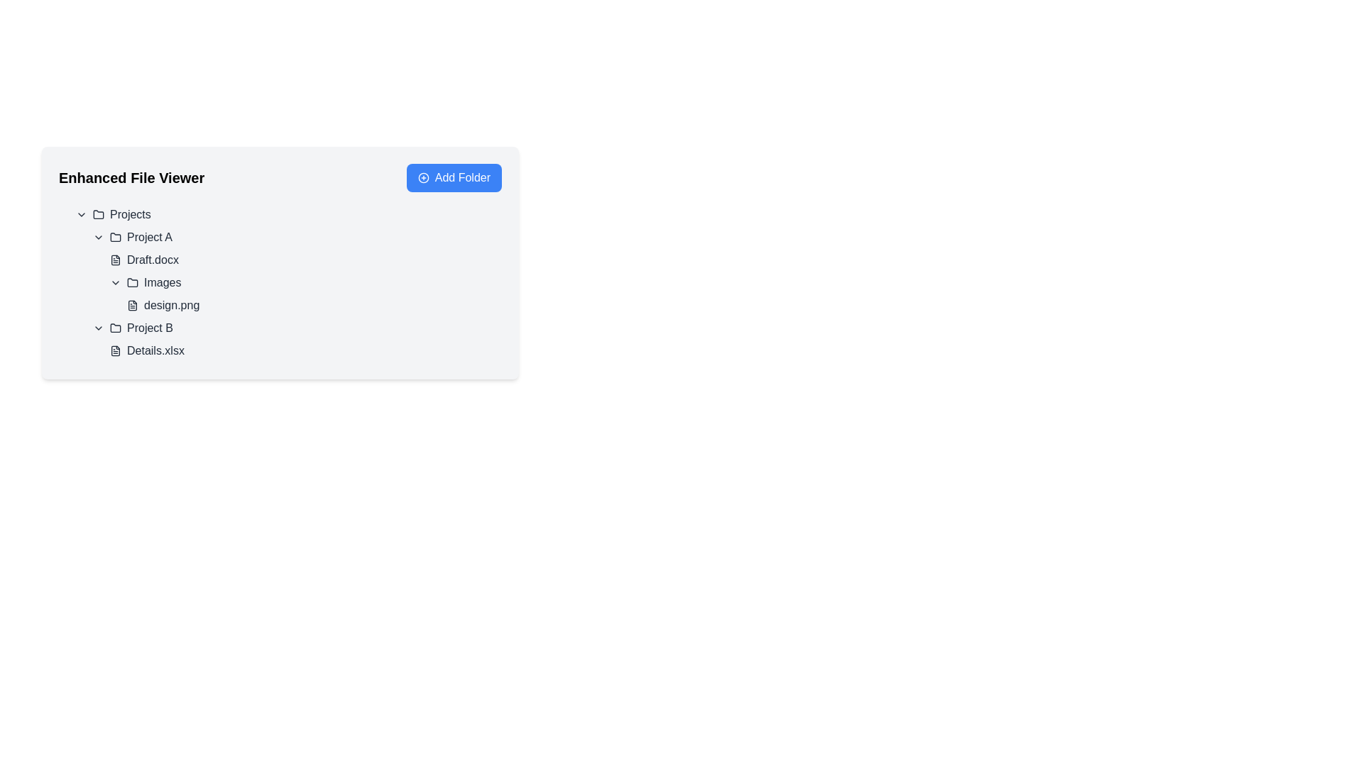  What do you see at coordinates (81, 215) in the screenshot?
I see `the arrow icon located adjacent to the text 'Projects'` at bounding box center [81, 215].